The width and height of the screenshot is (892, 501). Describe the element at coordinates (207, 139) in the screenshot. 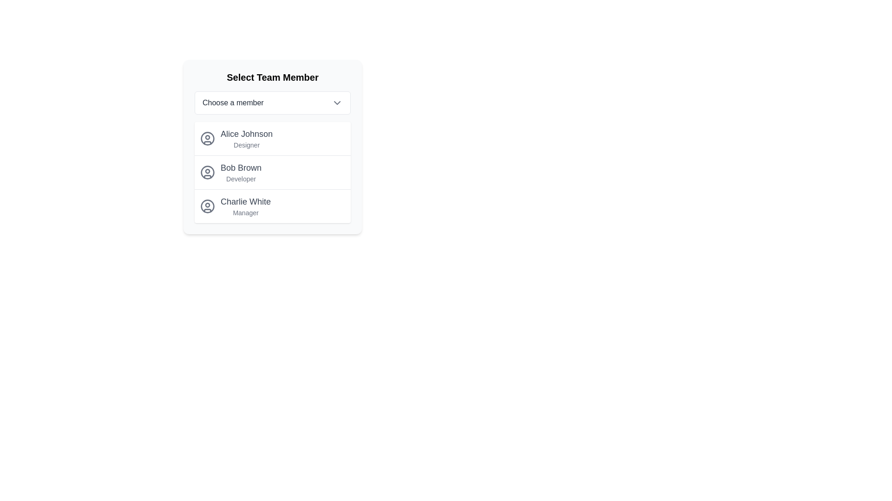

I see `the circular avatar icon representing 'Alice Johnson' in the user profile dropdown list` at that location.